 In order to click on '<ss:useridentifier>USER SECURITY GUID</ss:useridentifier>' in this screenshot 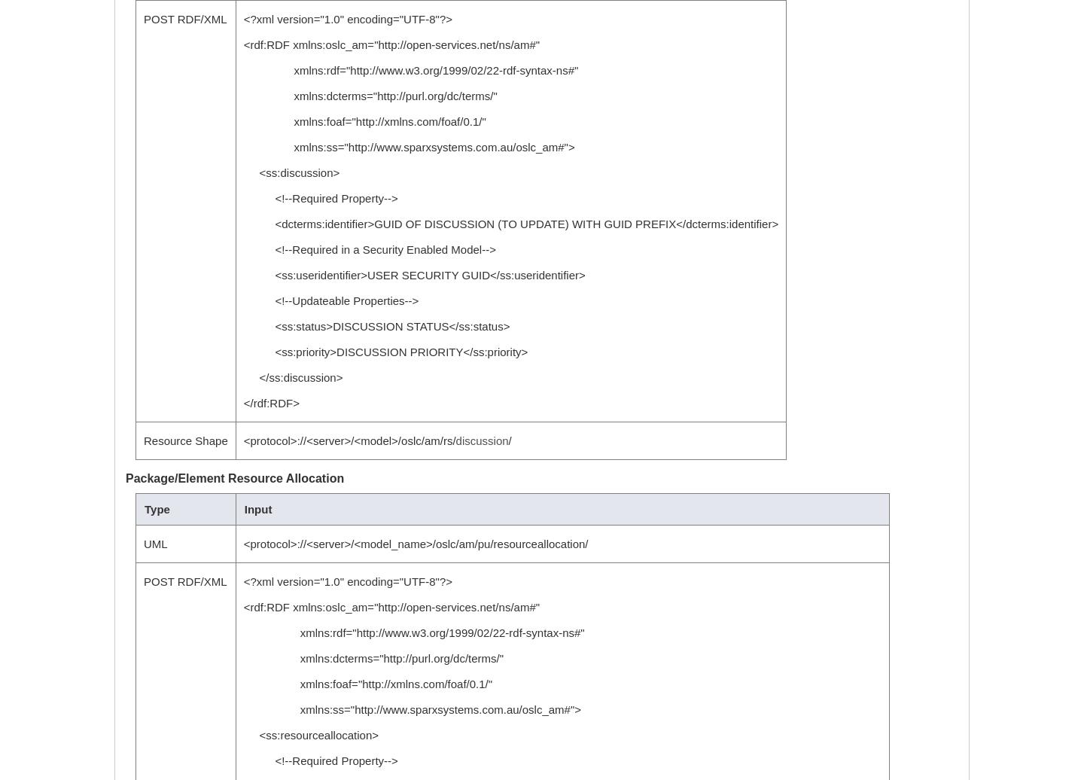, I will do `click(413, 275)`.